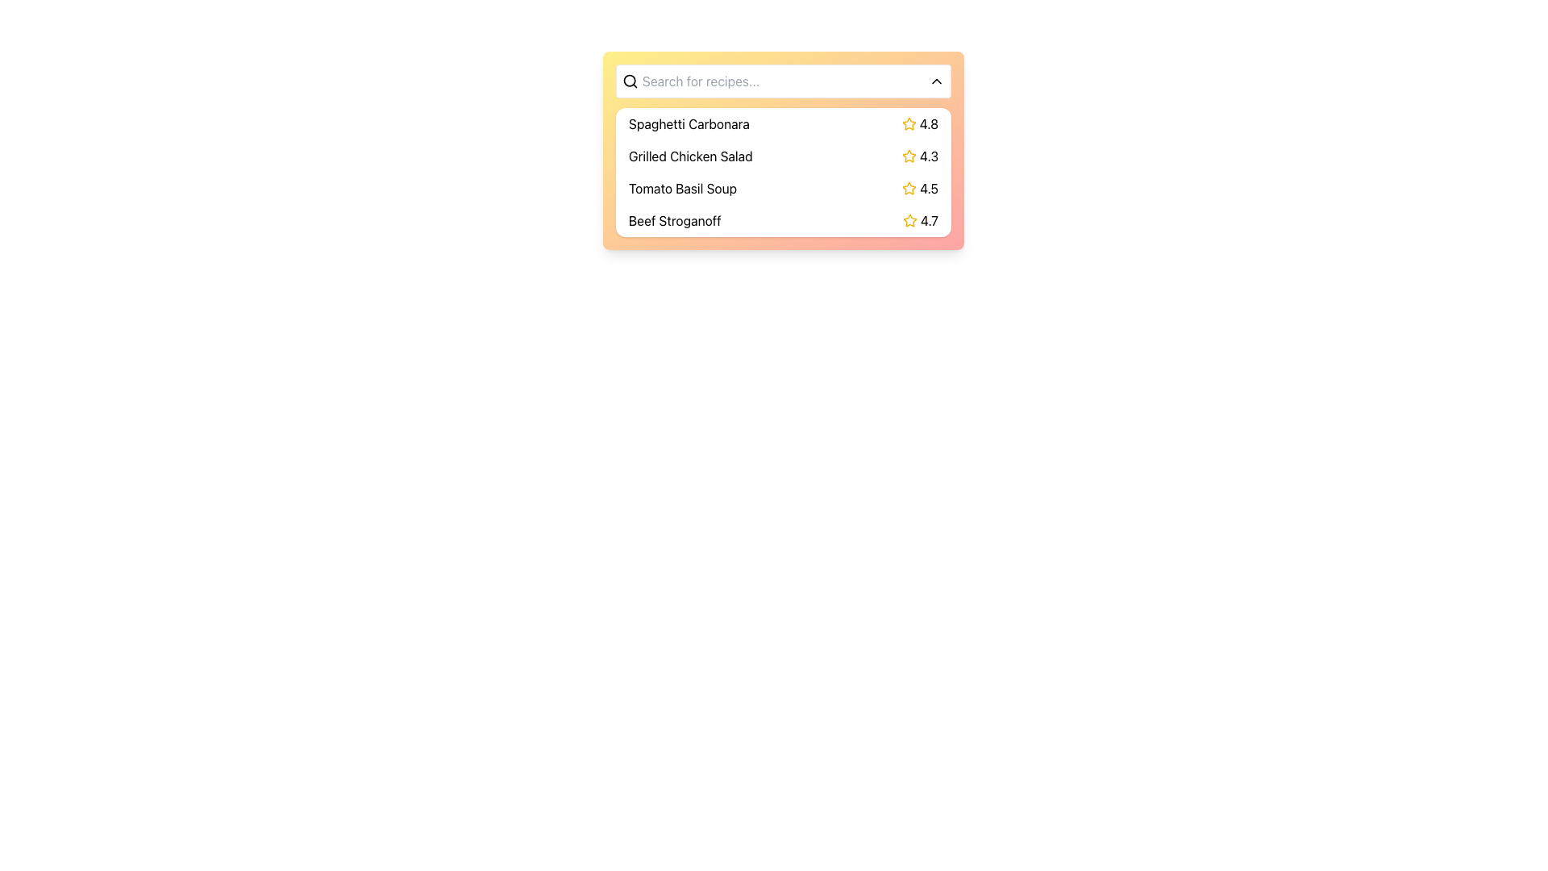 The image size is (1548, 871). What do you see at coordinates (630, 81) in the screenshot?
I see `the magnifying glass icon located on the left side of the search bar, which is visually represented by a circular lens and a handle extending diagonally` at bounding box center [630, 81].